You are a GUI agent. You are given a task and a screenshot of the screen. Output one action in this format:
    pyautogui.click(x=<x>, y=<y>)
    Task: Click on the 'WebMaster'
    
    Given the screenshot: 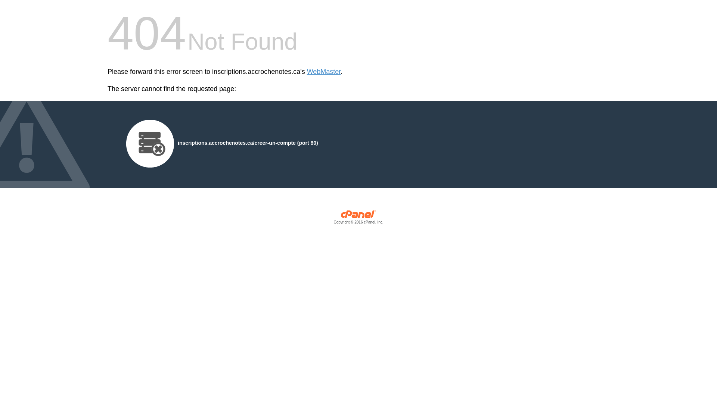 What is the action you would take?
    pyautogui.click(x=307, y=72)
    